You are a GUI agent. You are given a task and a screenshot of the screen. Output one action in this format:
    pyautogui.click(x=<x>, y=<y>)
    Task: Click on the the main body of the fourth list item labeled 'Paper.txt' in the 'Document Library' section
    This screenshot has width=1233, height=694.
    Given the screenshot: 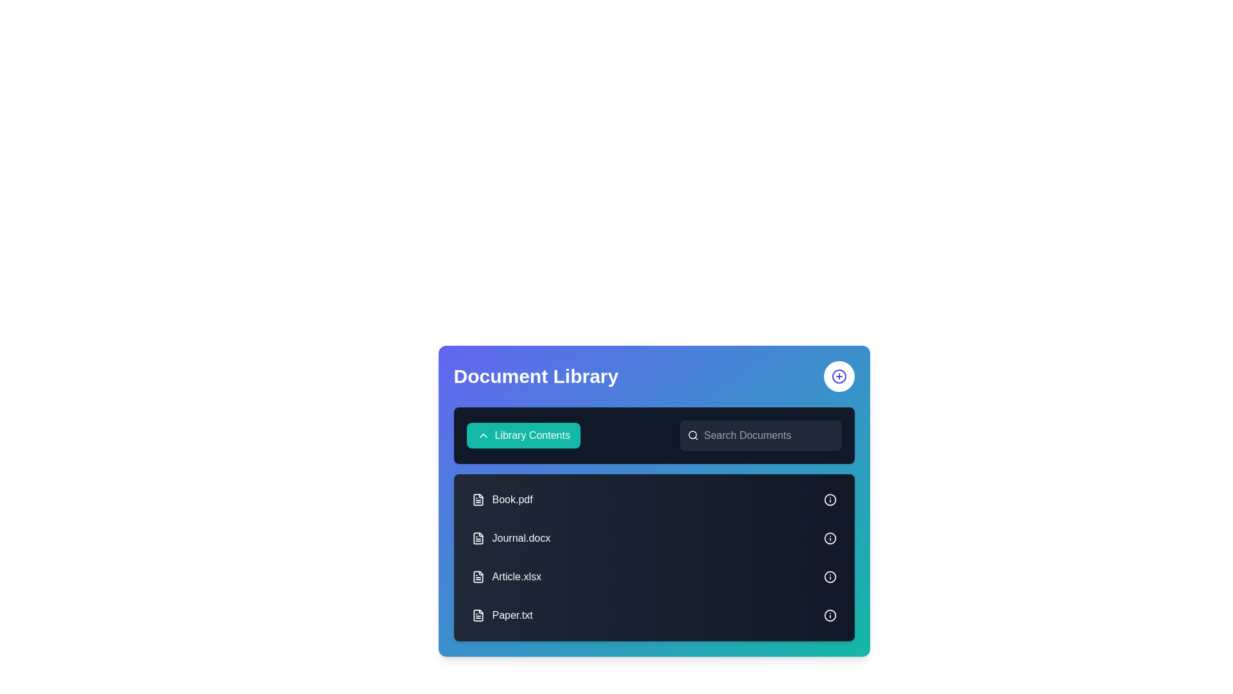 What is the action you would take?
    pyautogui.click(x=654, y=614)
    